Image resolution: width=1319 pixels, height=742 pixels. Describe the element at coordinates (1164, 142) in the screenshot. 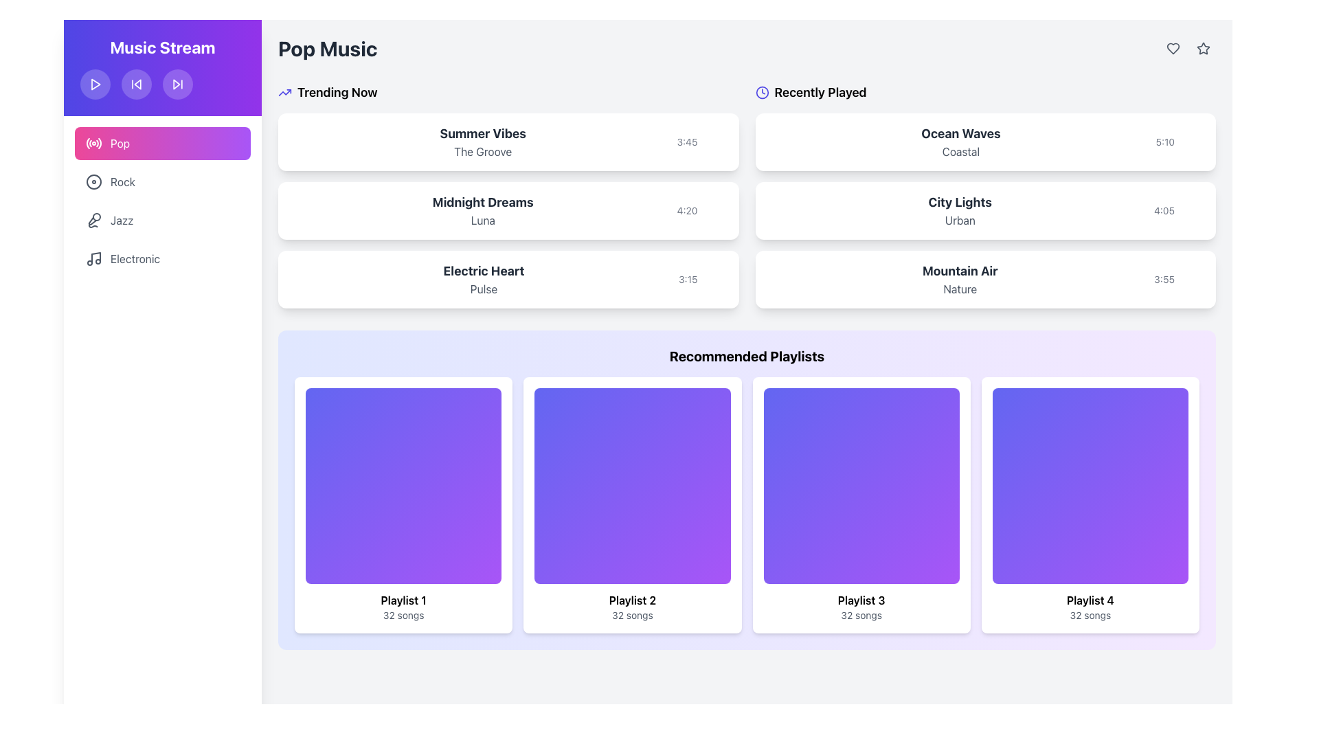

I see `the text label displaying '5:10', which is styled in gray and located to the right of the 'Ocean Waves' title in the 'Recently Played' section` at that location.